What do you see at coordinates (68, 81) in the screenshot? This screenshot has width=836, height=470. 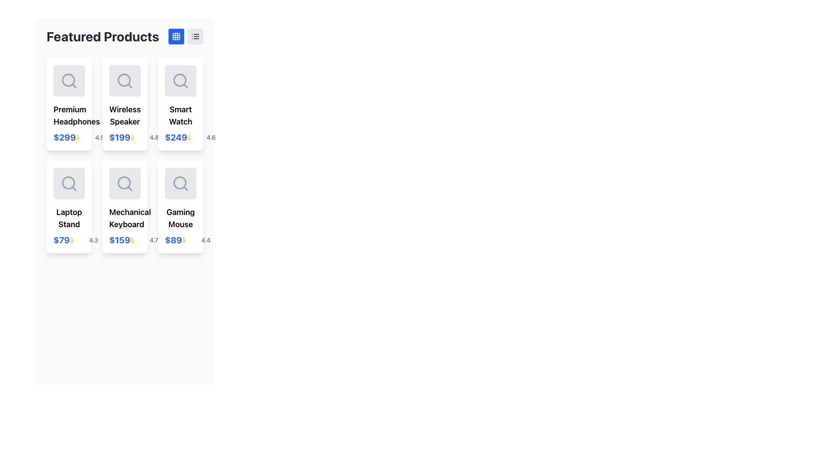 I see `the magnifying glass icon located in the upper section of the 'Premium Headphones' product card` at bounding box center [68, 81].